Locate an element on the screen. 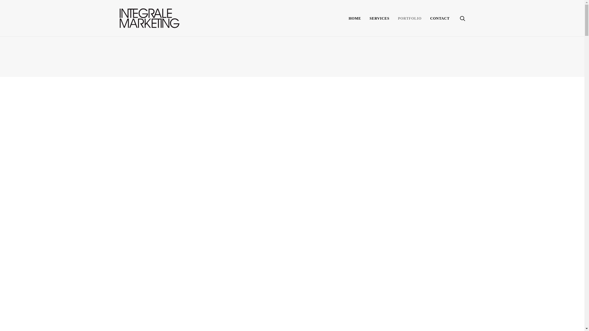  'CONTACT' is located at coordinates (437, 18).